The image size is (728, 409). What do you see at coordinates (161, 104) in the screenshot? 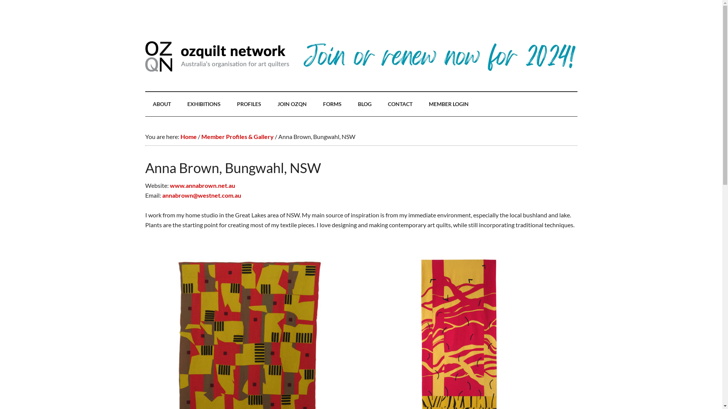
I see `'ABOUT'` at bounding box center [161, 104].